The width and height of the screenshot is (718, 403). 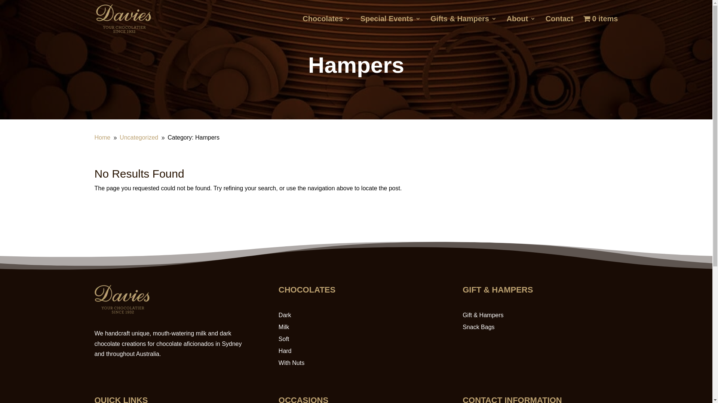 What do you see at coordinates (285, 351) in the screenshot?
I see `'Hard'` at bounding box center [285, 351].